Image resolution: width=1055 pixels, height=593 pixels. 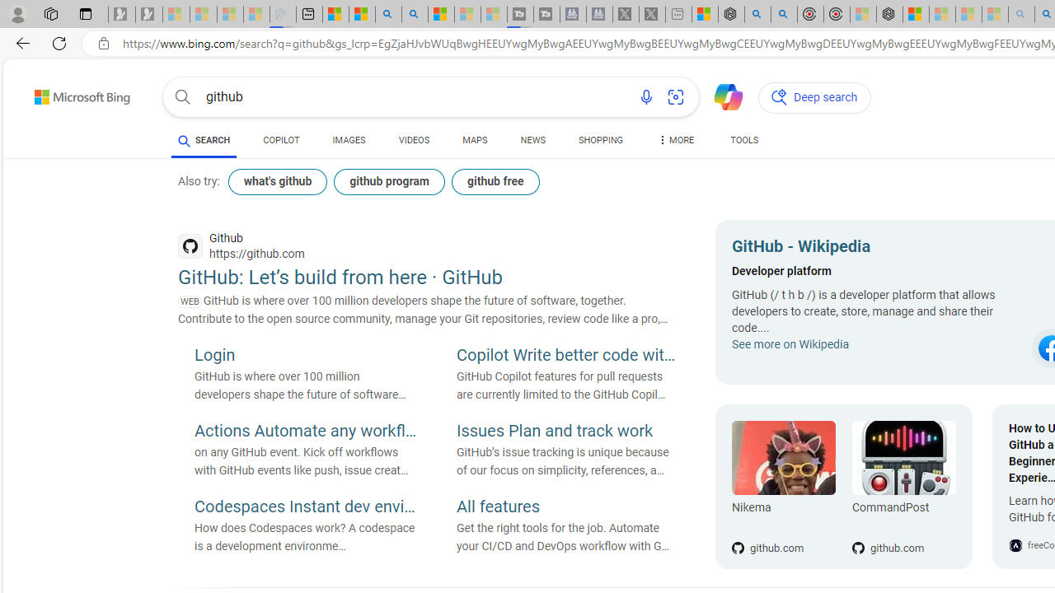 I want to click on 'Copilot Write better code with AI', so click(x=568, y=356).